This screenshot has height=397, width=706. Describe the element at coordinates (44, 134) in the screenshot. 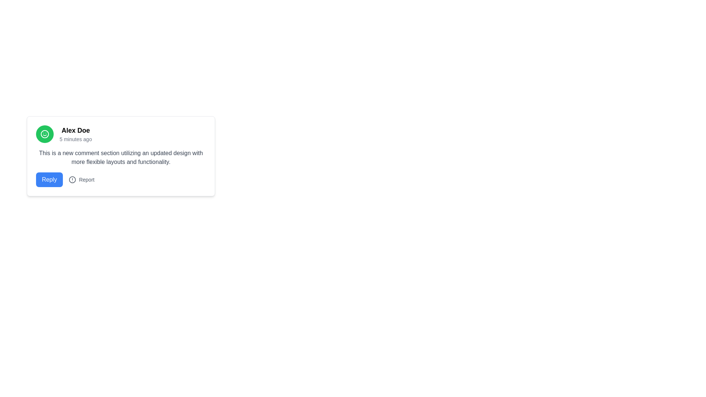

I see `the smiley face icon, which is part of the user's avatar displayed in a green circular background next to the username 'Alex Doe' in the comments section` at that location.